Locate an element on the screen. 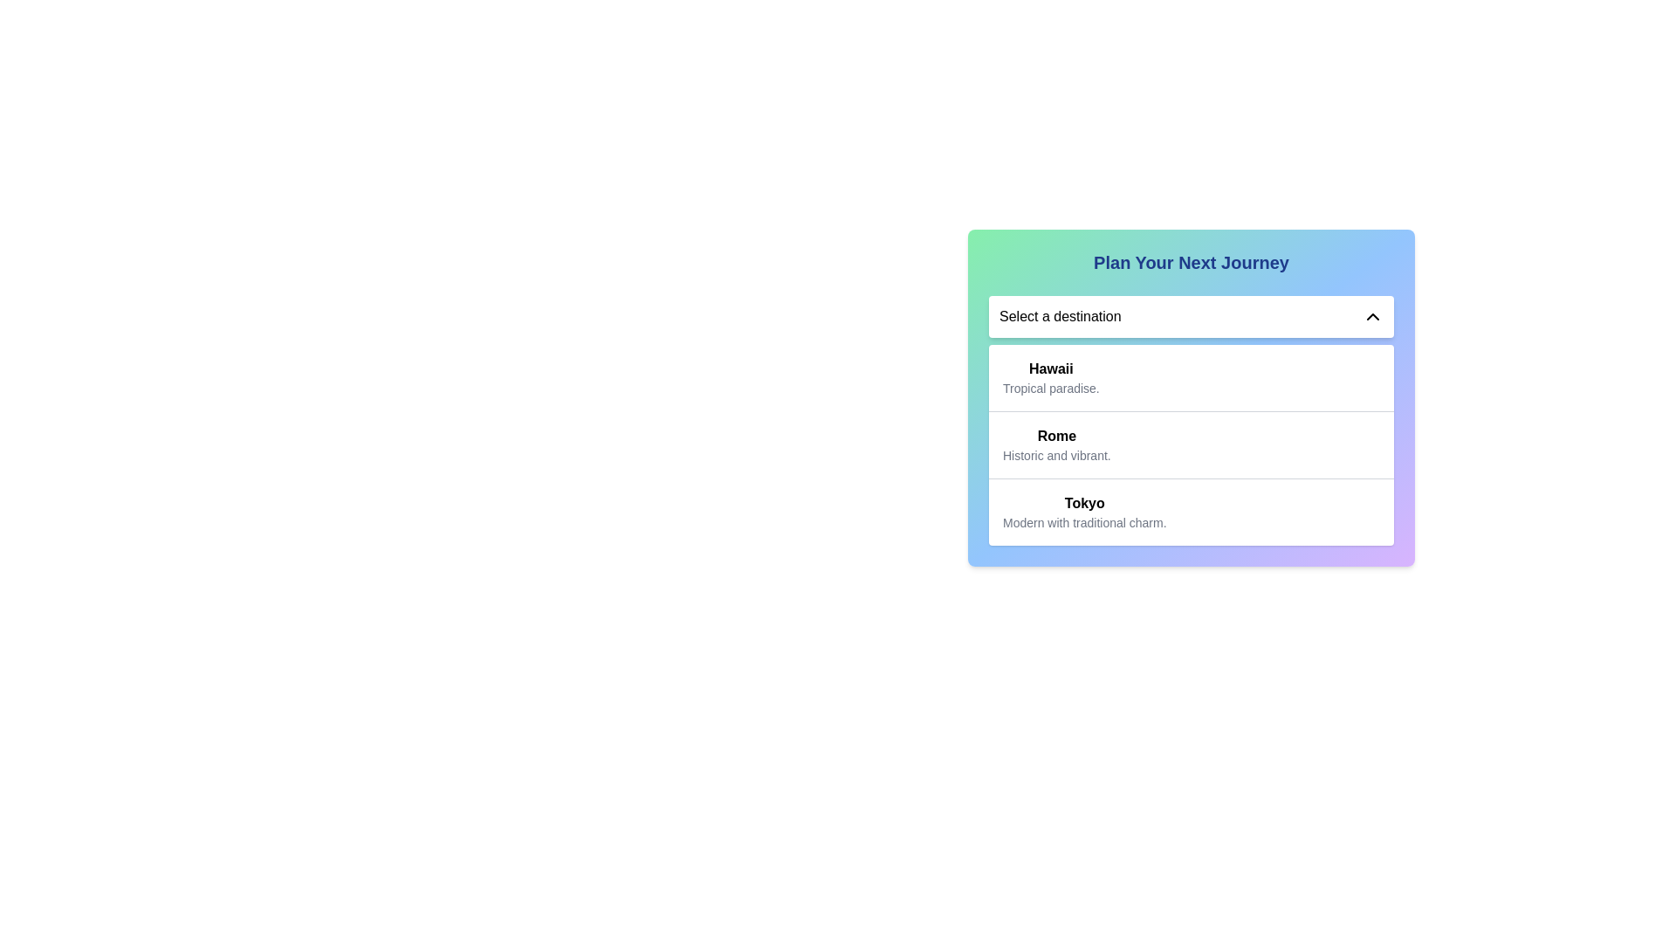  the textual display element showing 'Rome' with the description 'Historic and vibrant.' in the travel destination selection interface, which is the second item in a vertical list of three destinations is located at coordinates (1055, 444).